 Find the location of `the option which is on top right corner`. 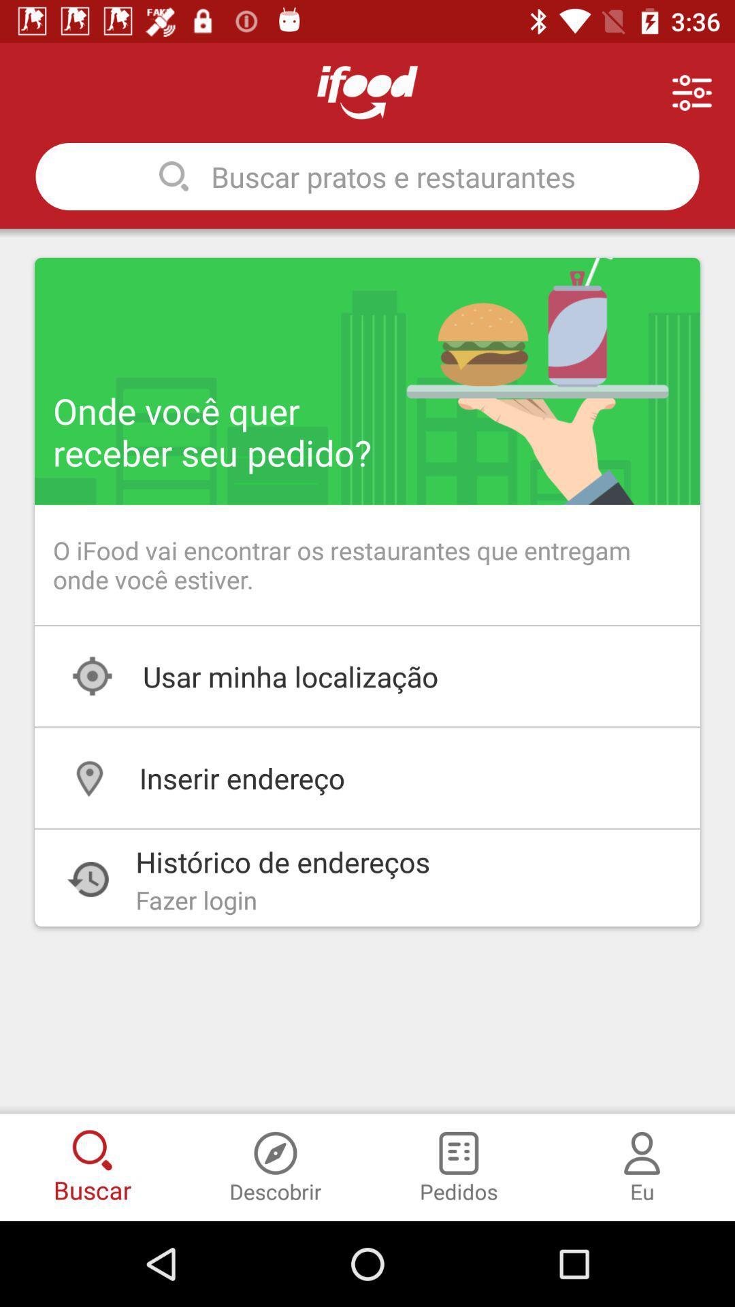

the option which is on top right corner is located at coordinates (692, 92).